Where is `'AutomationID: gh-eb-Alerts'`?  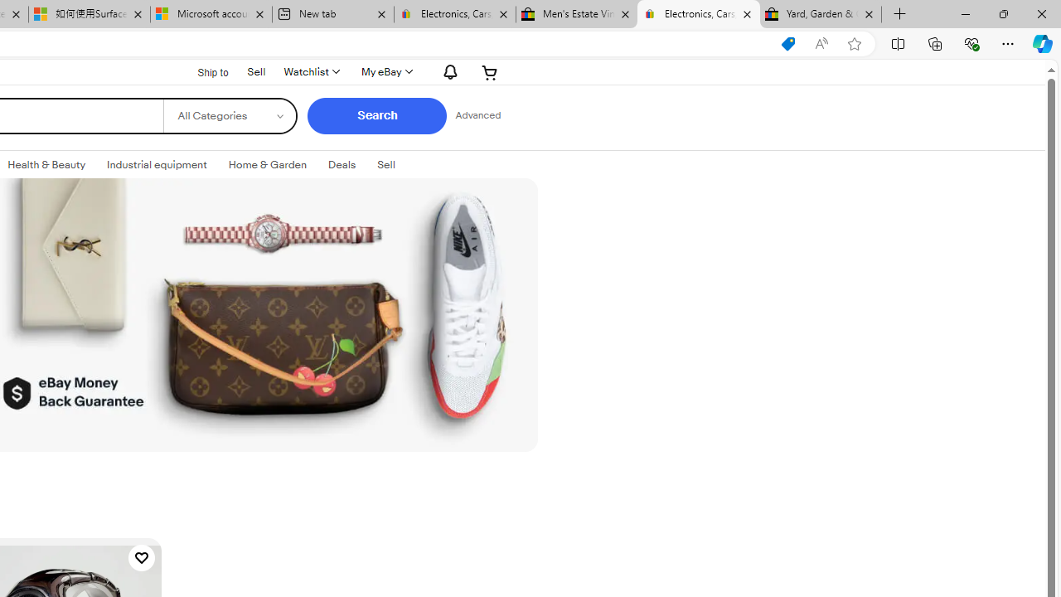 'AutomationID: gh-eb-Alerts' is located at coordinates (448, 70).